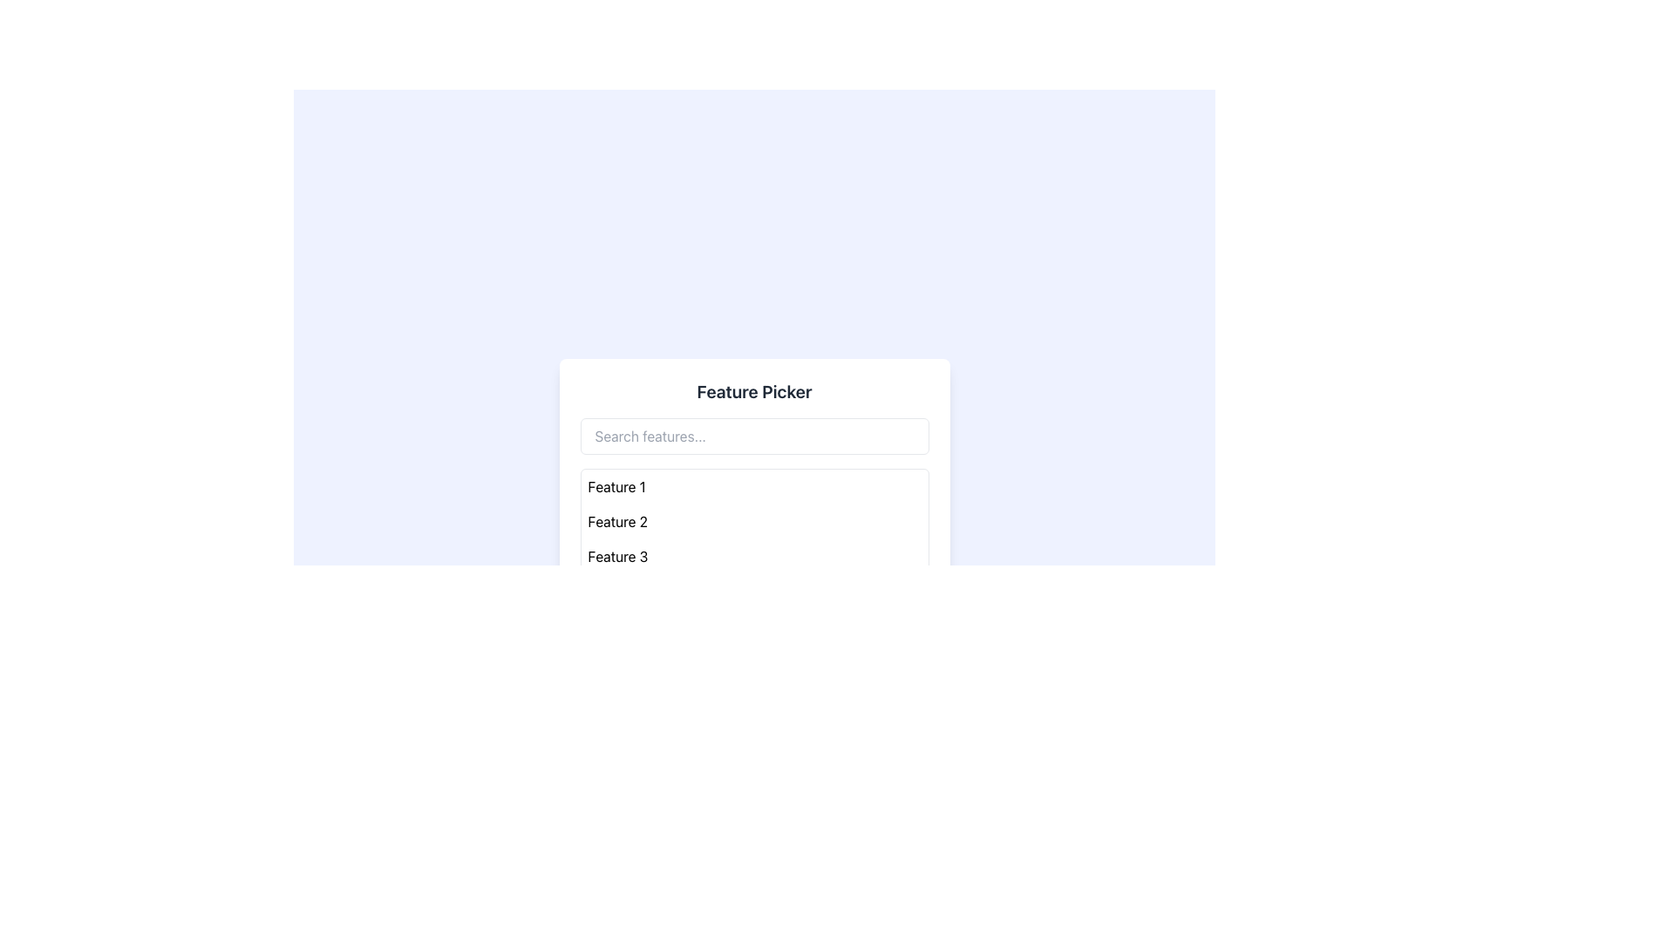  I want to click on the second list item labeled 'Feature 2' in the Feature Picker, so click(754, 520).